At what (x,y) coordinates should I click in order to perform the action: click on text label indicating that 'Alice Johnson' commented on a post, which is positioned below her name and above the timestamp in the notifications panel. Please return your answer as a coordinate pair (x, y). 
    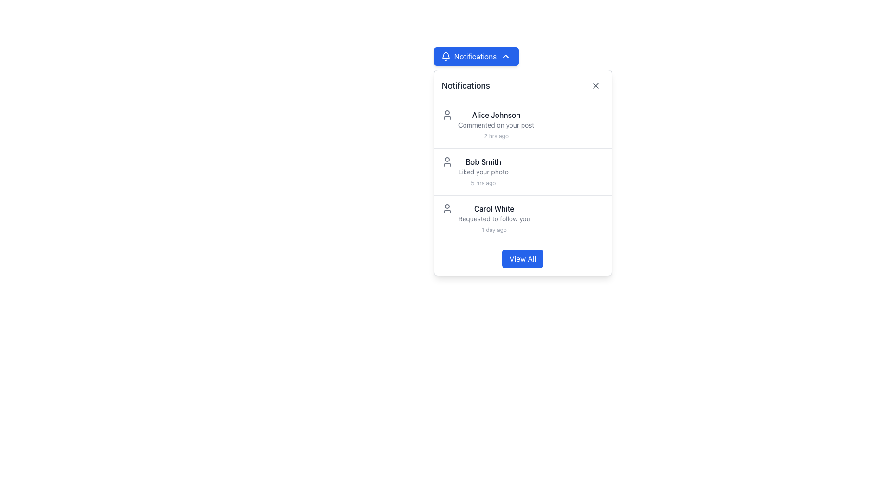
    Looking at the image, I should click on (496, 125).